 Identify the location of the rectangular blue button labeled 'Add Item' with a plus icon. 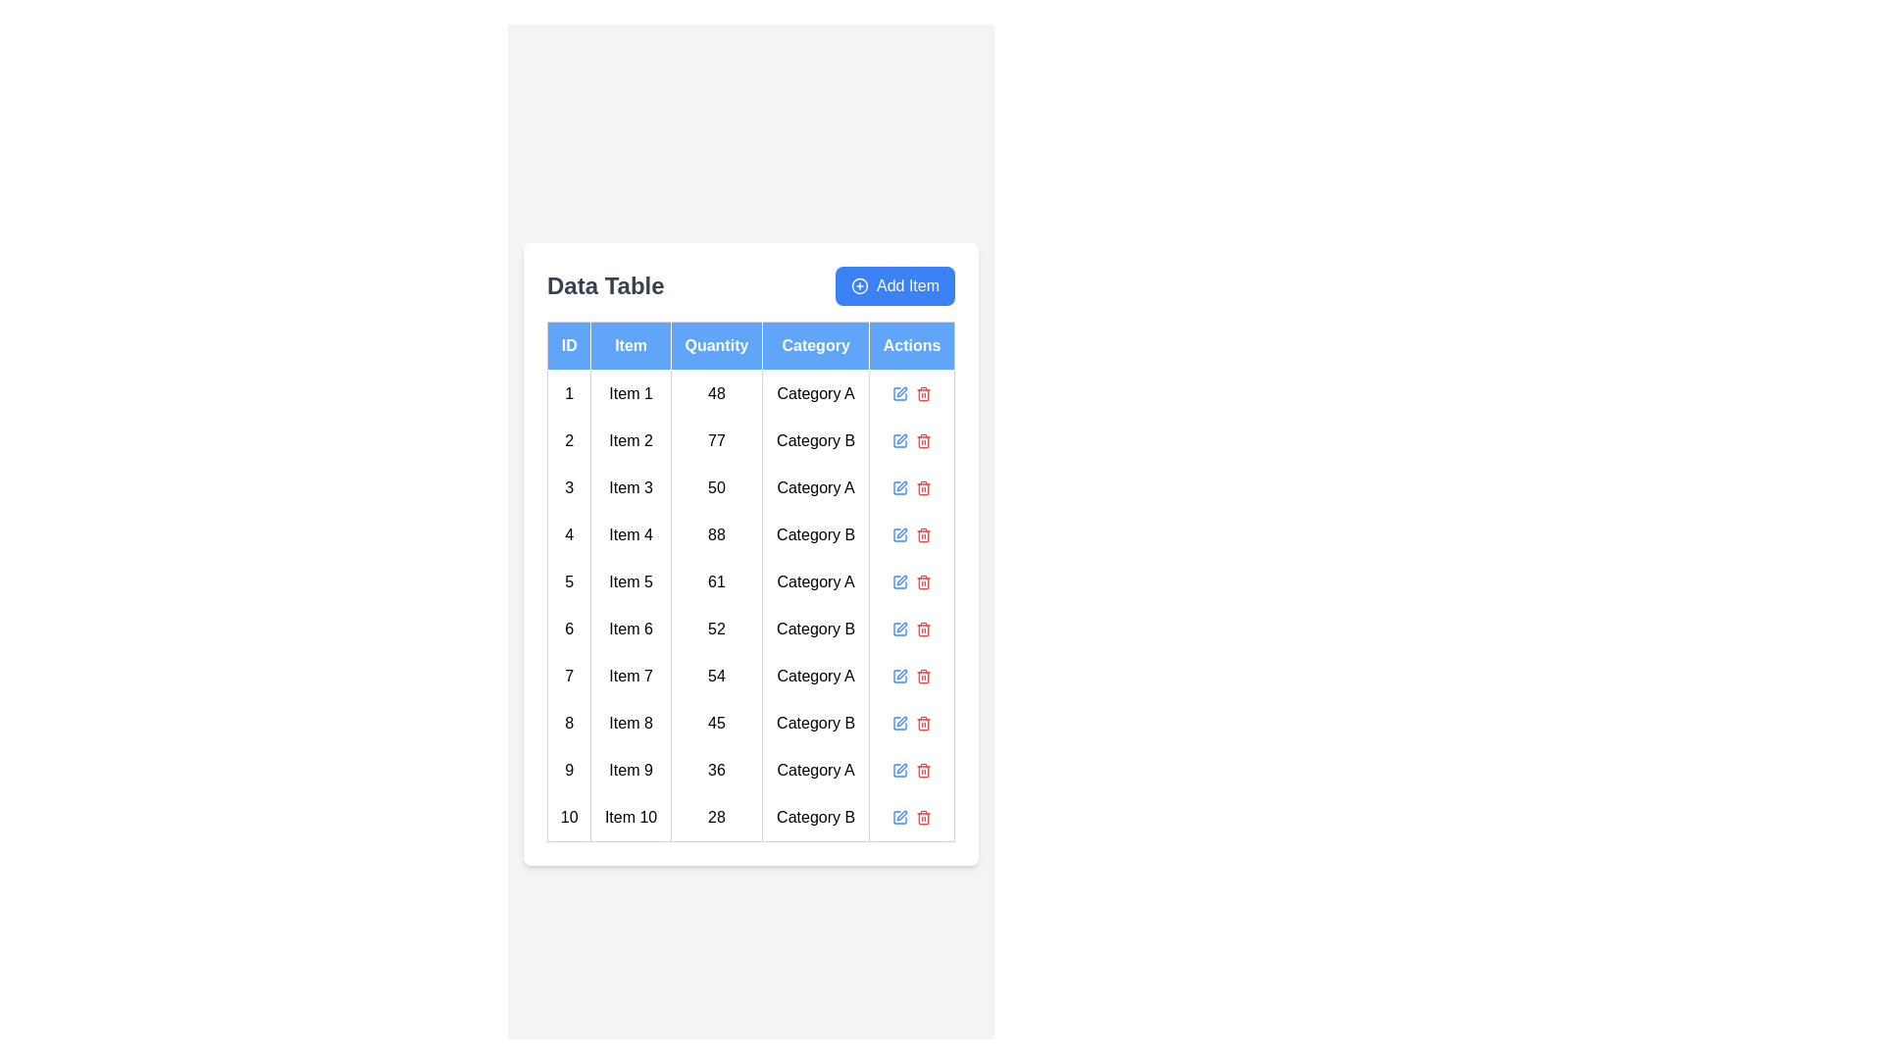
(893, 285).